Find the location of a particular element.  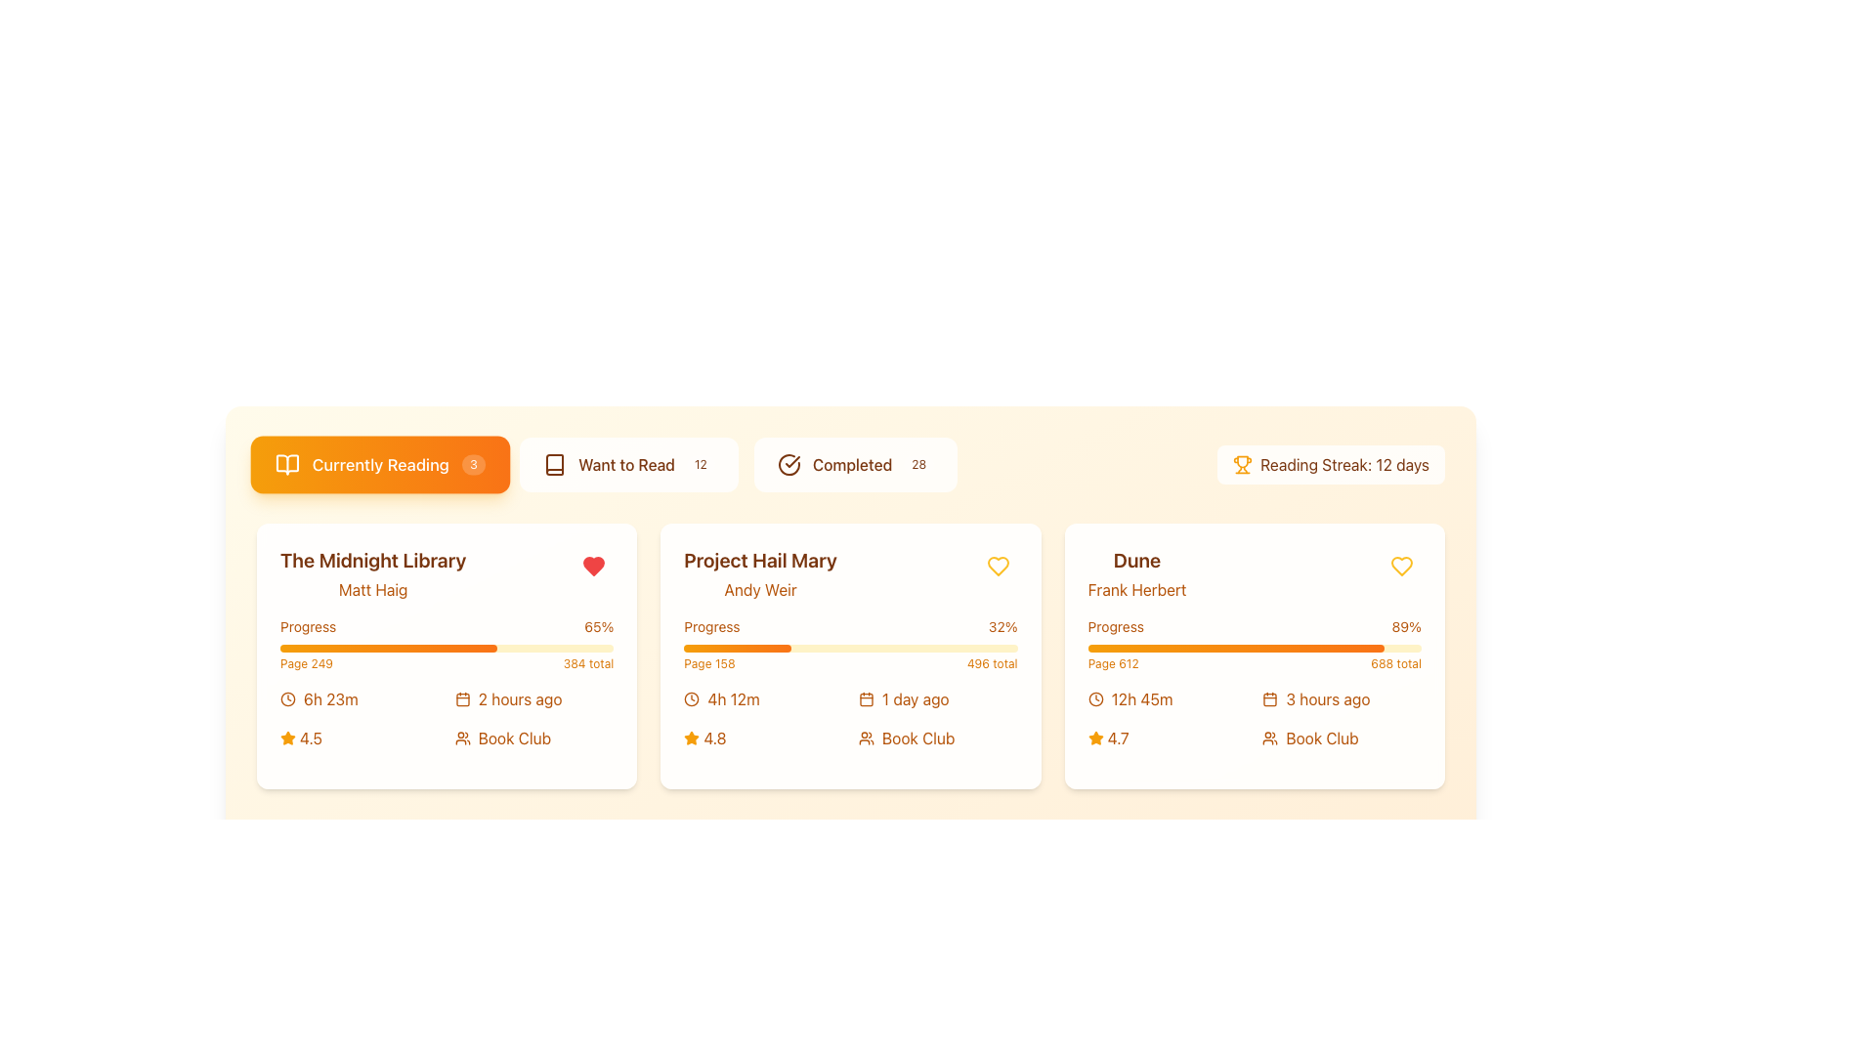

the rating value text associated with the book 'Project Hail Mary', located to the right of the star icon and below the book's title and metadata is located at coordinates (713, 738).